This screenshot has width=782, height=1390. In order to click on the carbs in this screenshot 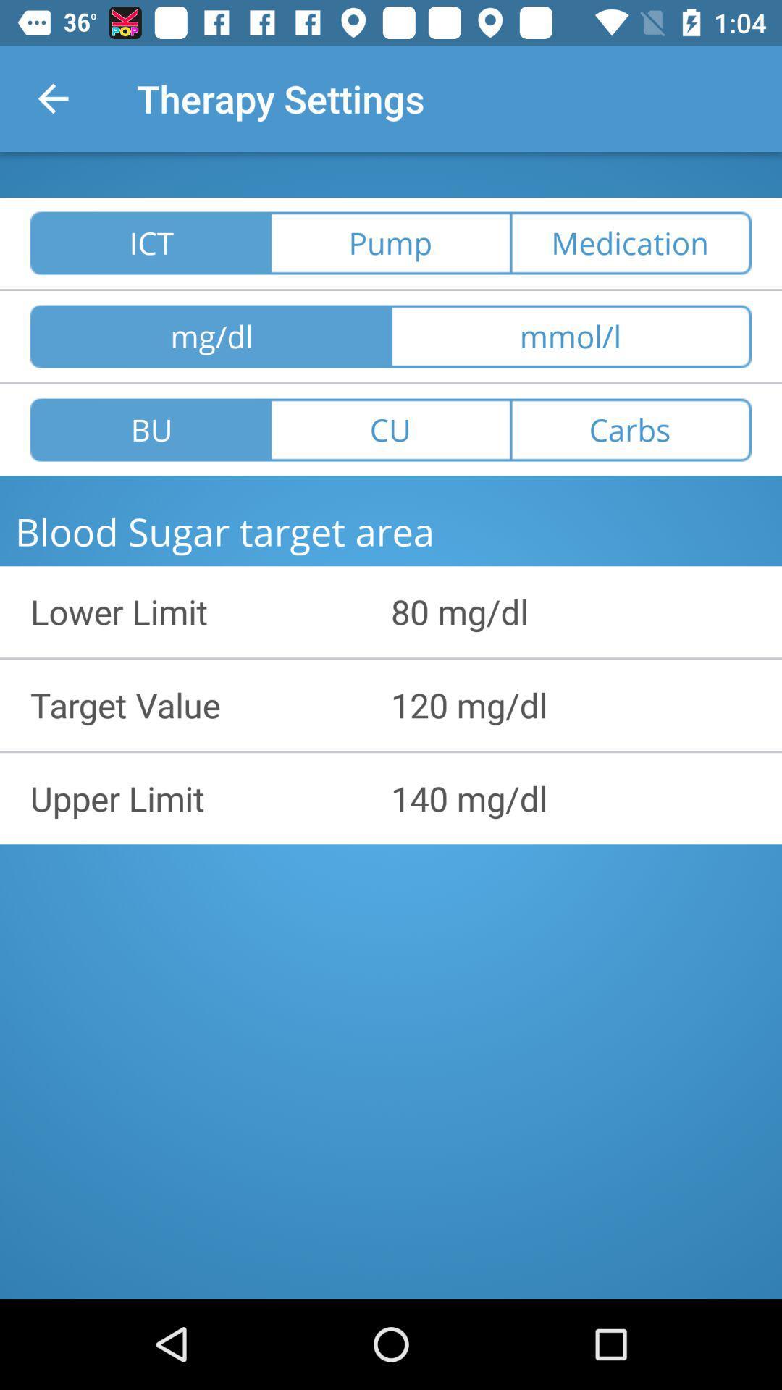, I will do `click(630, 429)`.